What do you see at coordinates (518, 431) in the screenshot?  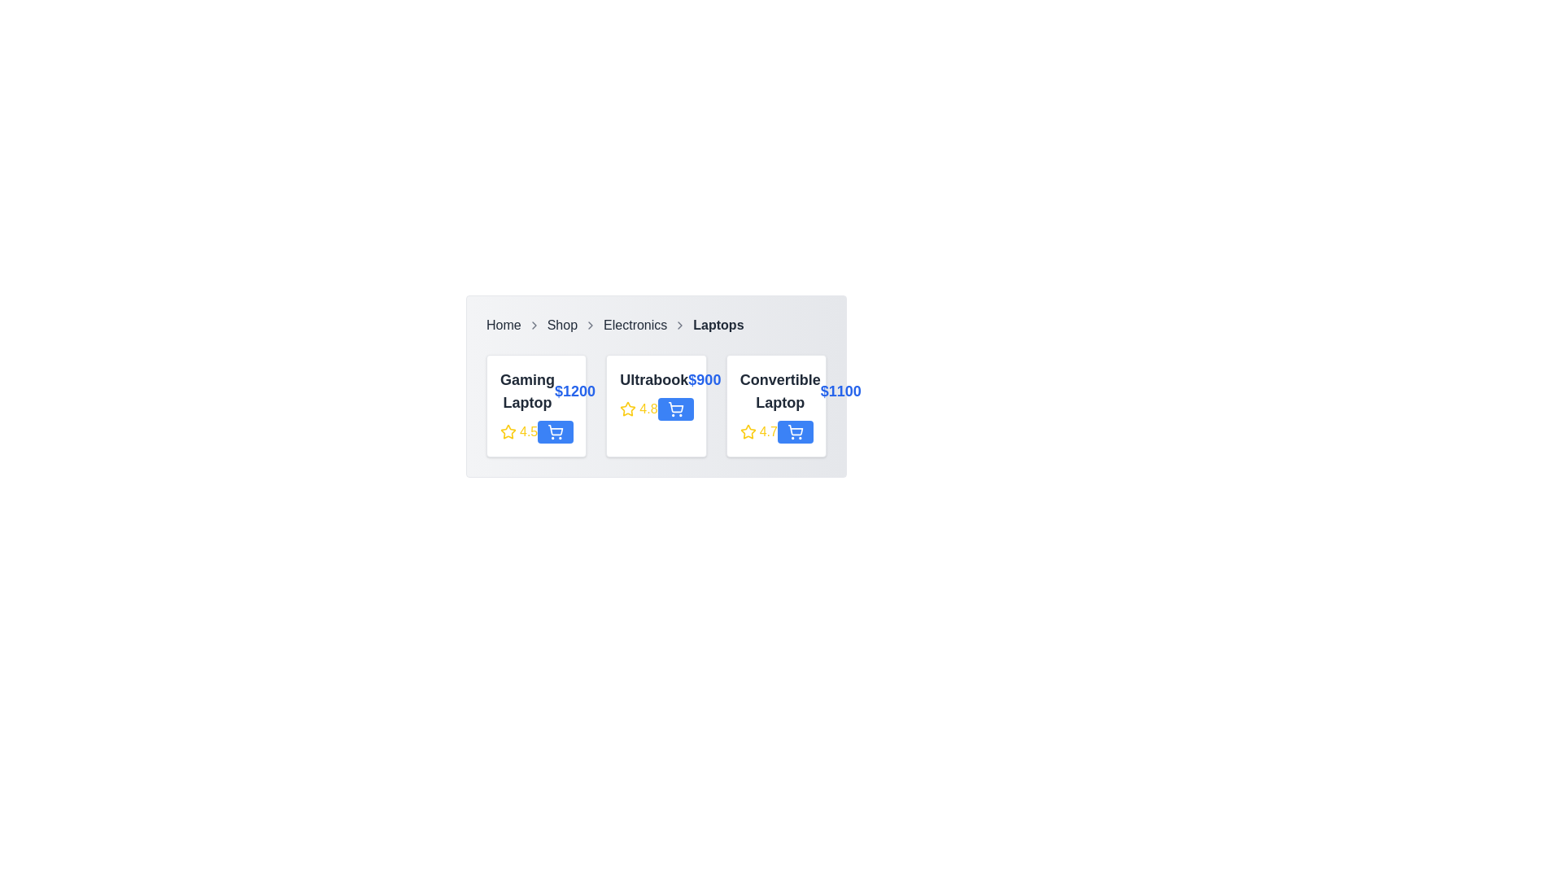 I see `the rating value displayed as '4.5' next to the yellow star icon in the first column of items under the 'Gaming Laptop' label` at bounding box center [518, 431].